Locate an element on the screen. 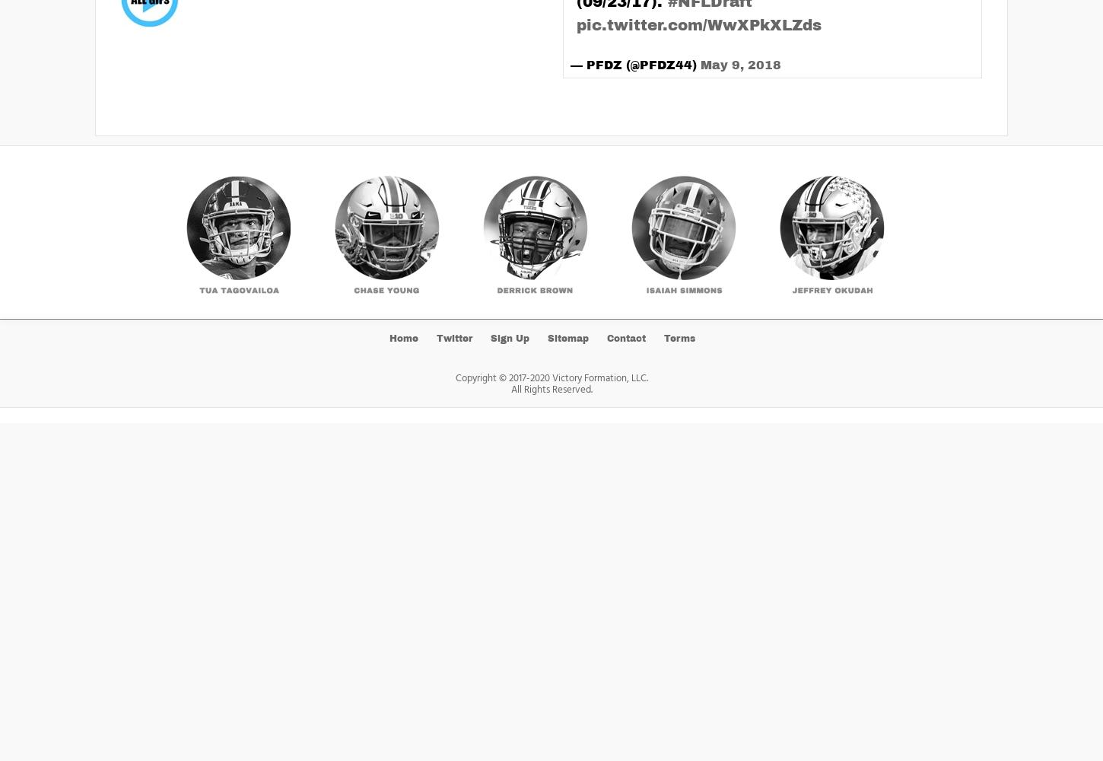 Image resolution: width=1103 pixels, height=761 pixels. 'Home' is located at coordinates (403, 337).